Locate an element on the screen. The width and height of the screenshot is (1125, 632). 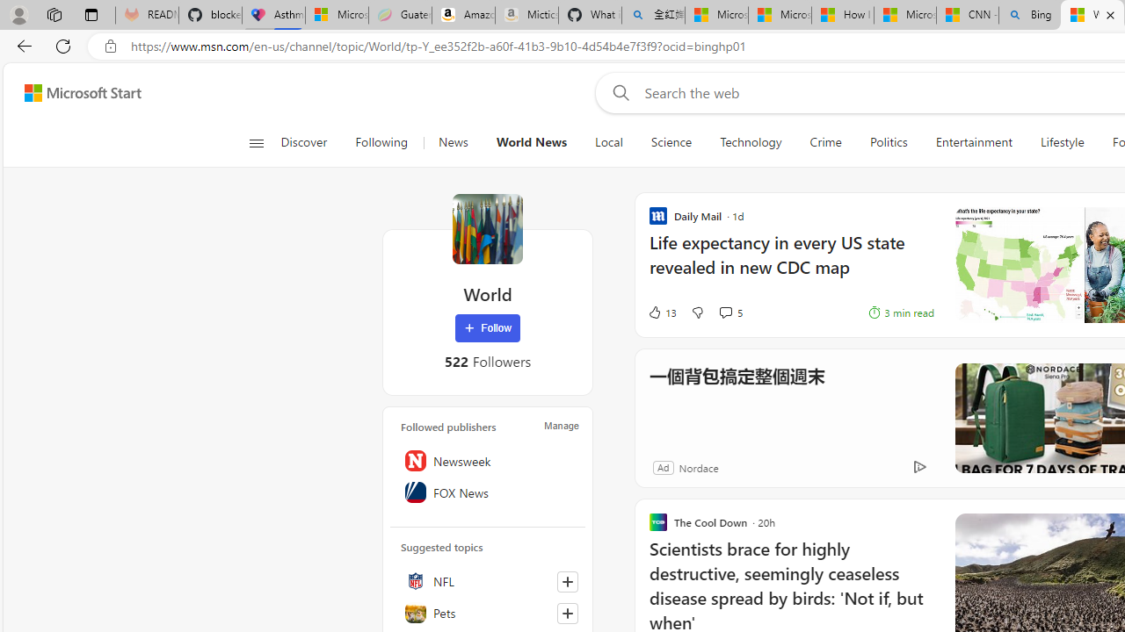
'Open navigation menu' is located at coordinates (255, 142).